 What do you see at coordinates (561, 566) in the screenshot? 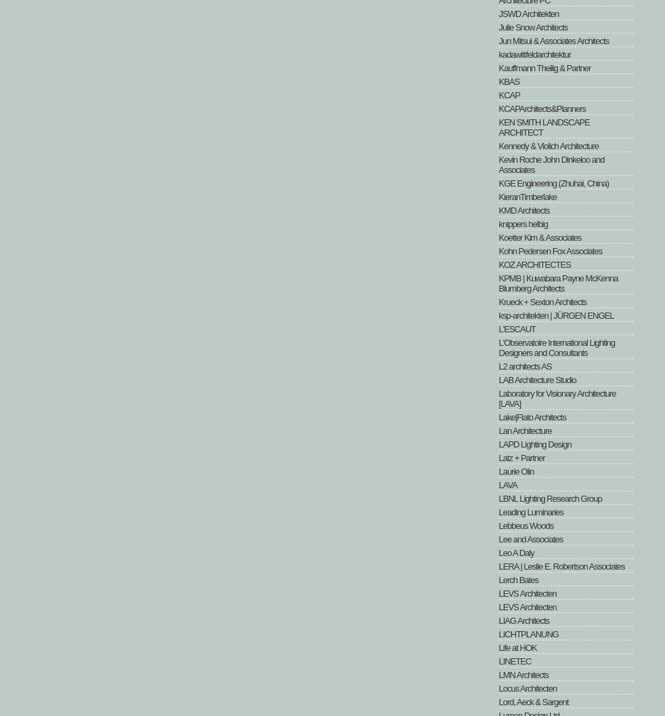
I see `'LERA | Leslie E. Robertson Associates'` at bounding box center [561, 566].